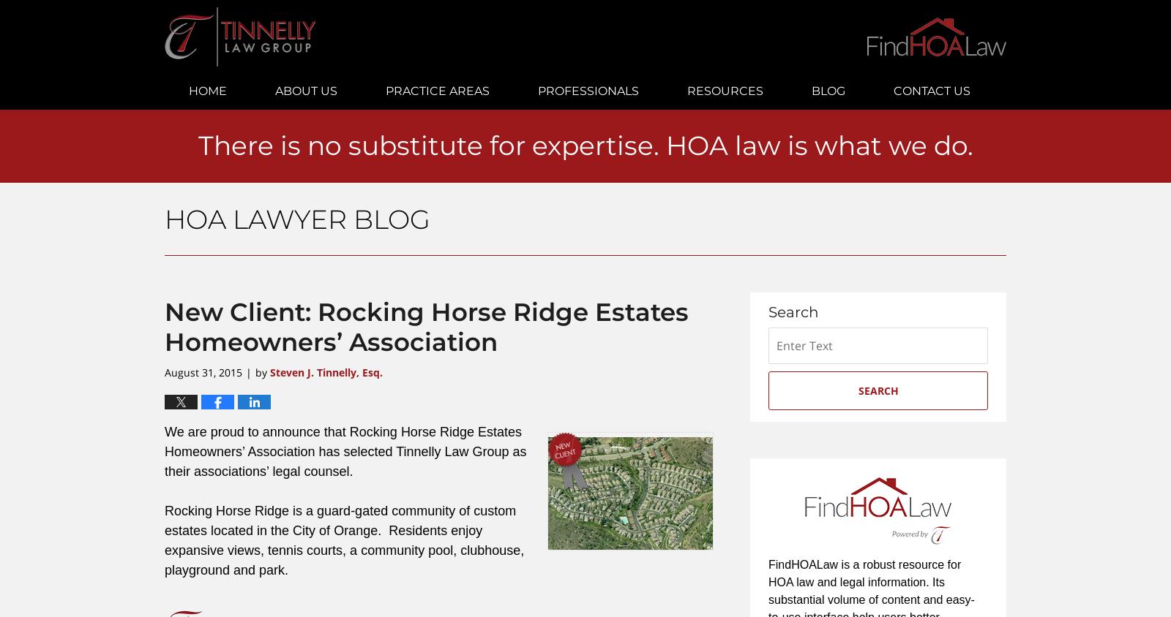  Describe the element at coordinates (345, 451) in the screenshot. I see `'We are proud to announce that Rocking Horse Ridge Estates Homeowners’ Association has selected Tinnelly Law Group as their associations’ legal counsel.'` at that location.